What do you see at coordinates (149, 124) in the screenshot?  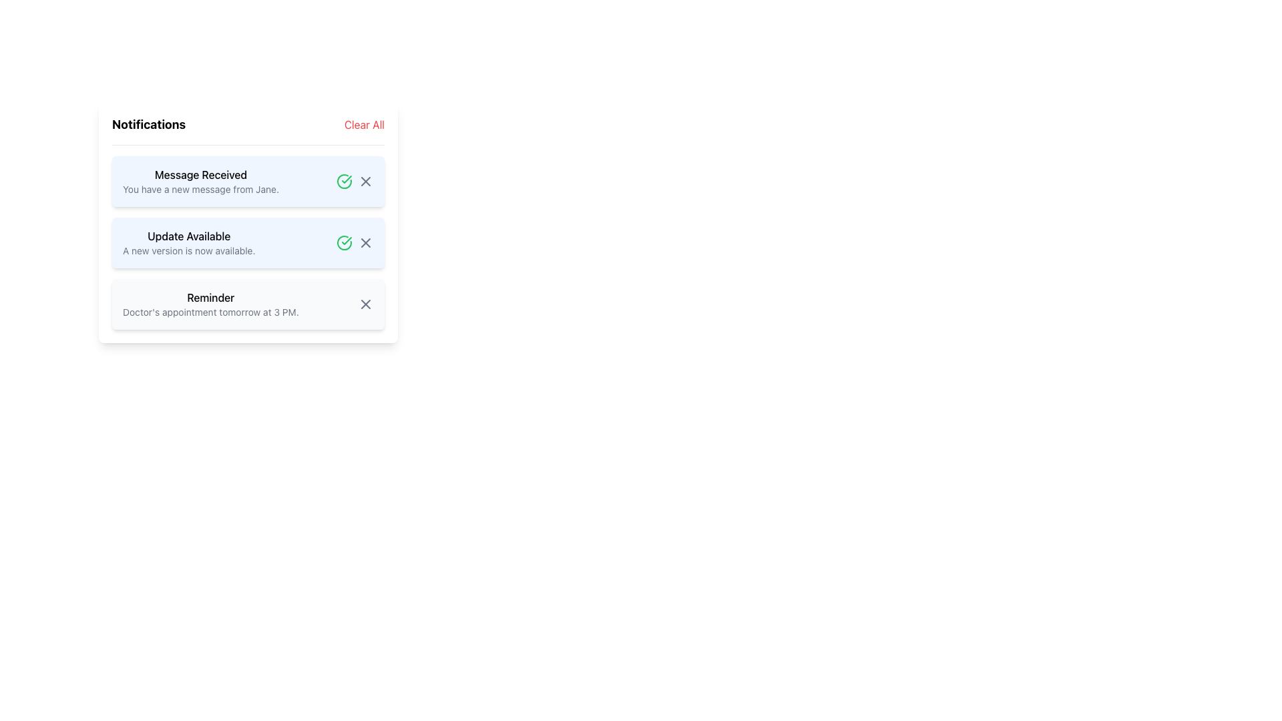 I see `text content of the Text Label that serves as the title for the notification section, displaying 'Clear All'` at bounding box center [149, 124].